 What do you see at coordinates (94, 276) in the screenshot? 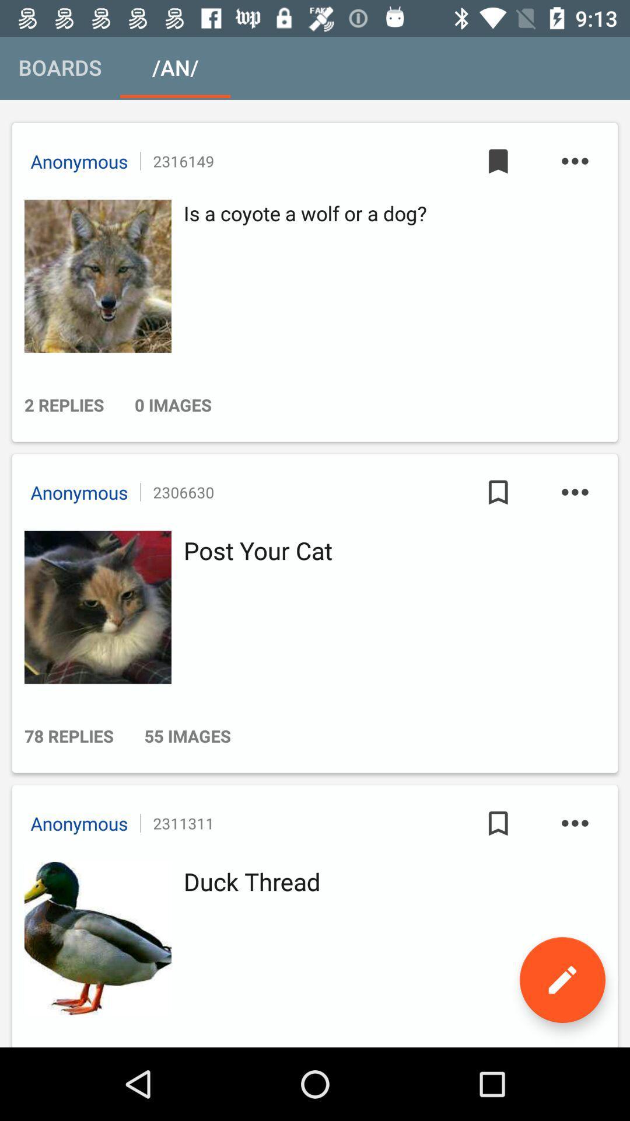
I see `image` at bounding box center [94, 276].